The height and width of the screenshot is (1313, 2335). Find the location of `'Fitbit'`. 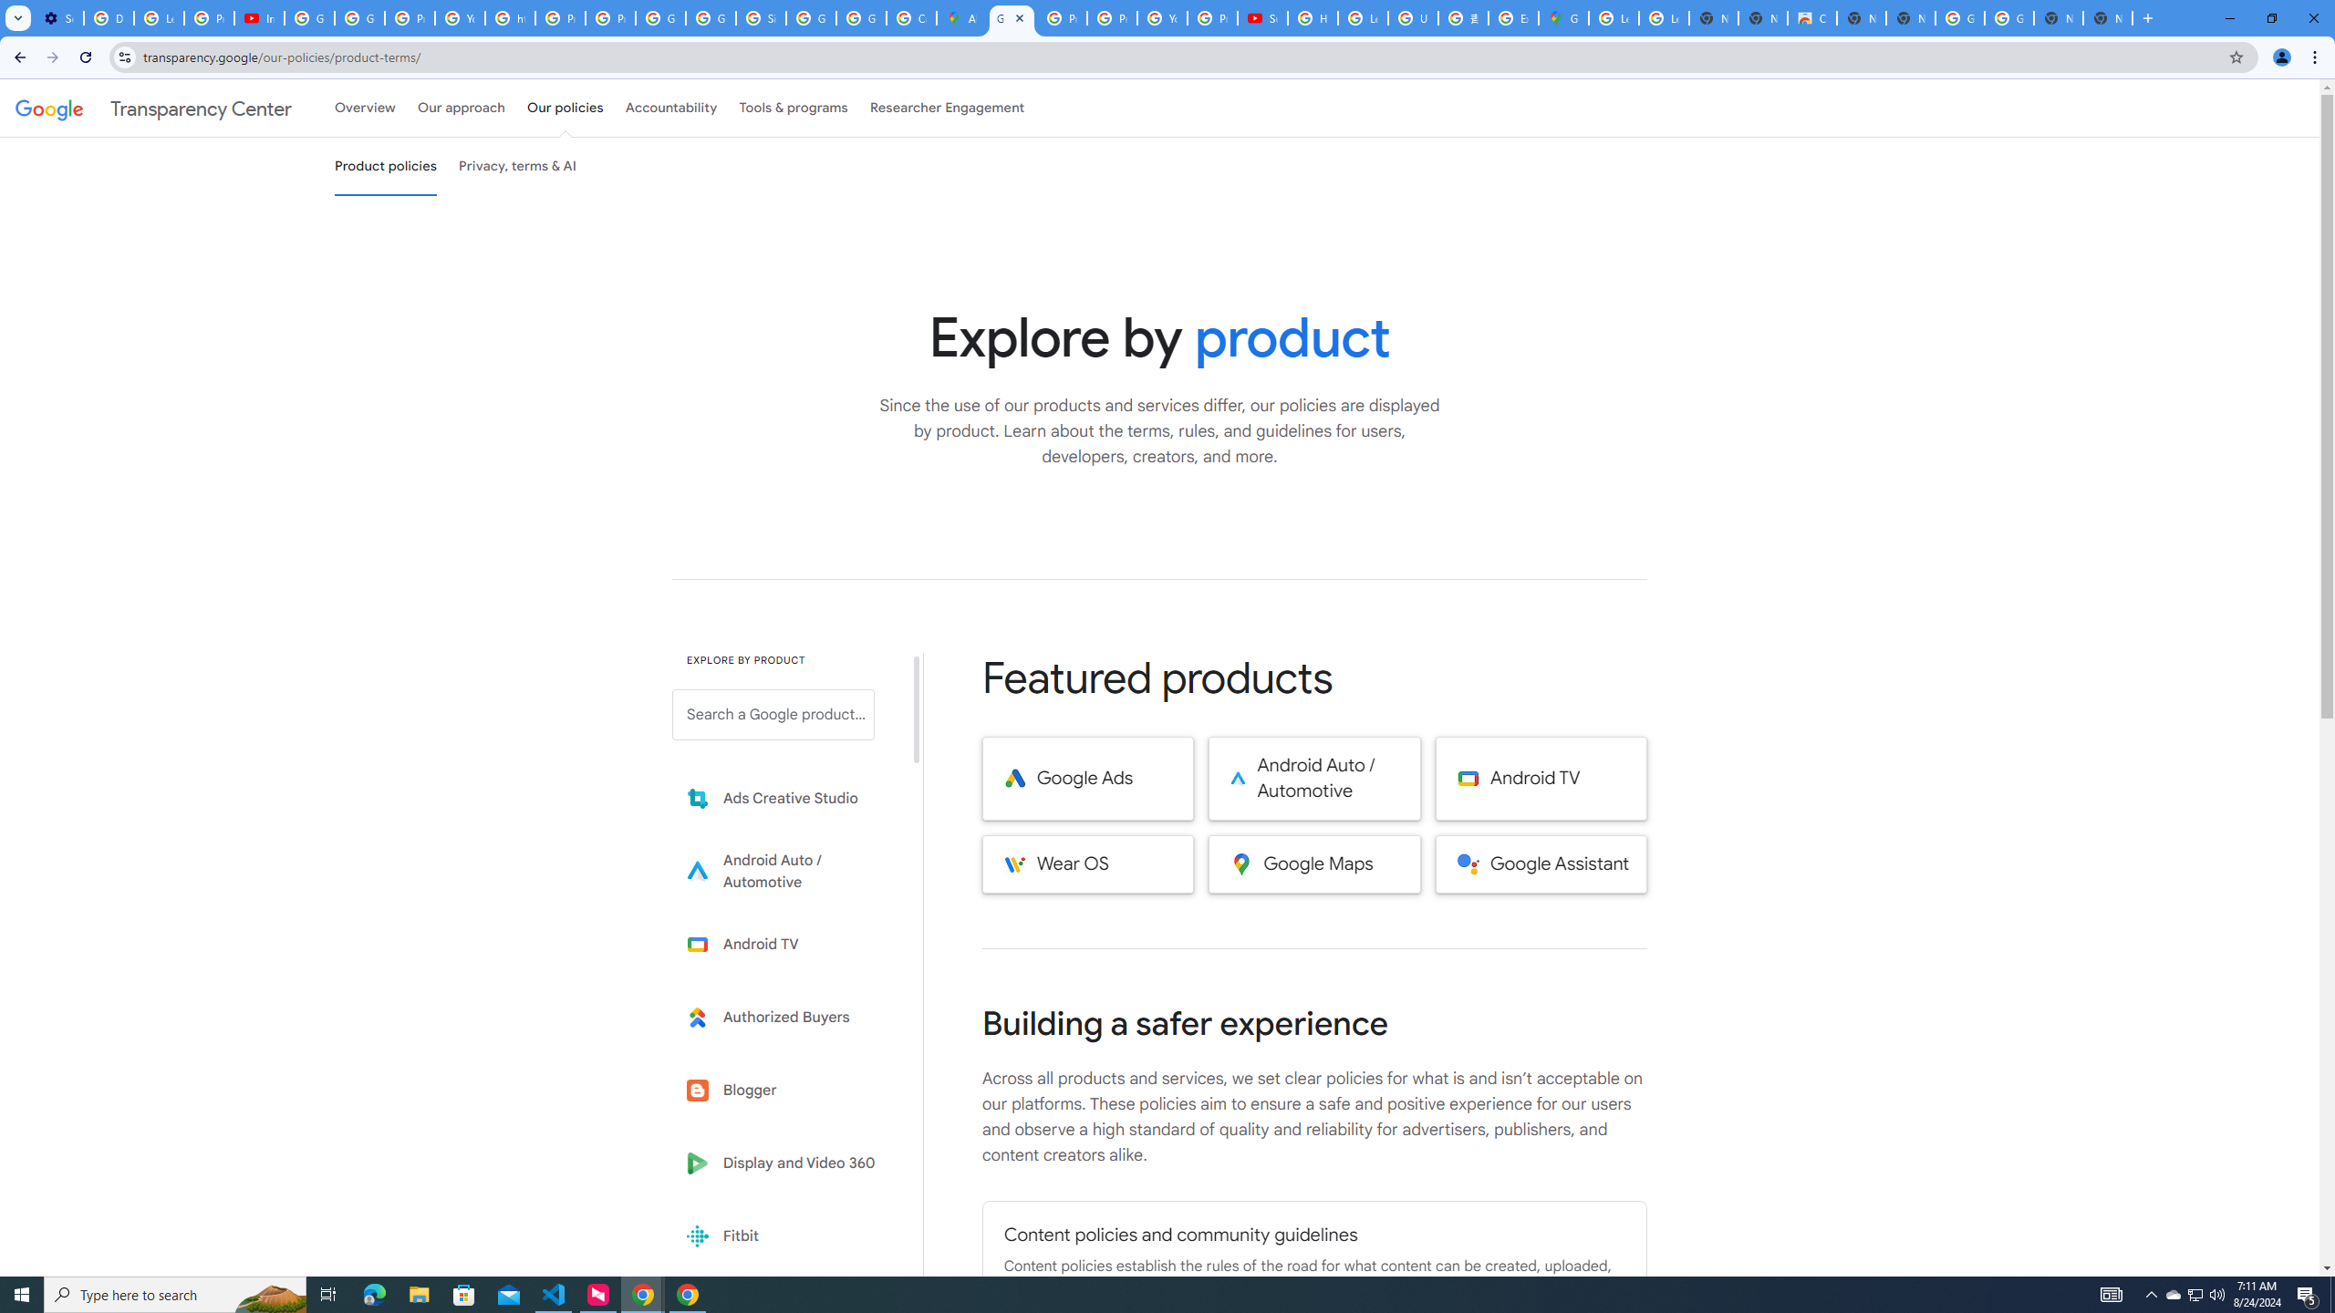

'Fitbit' is located at coordinates (785, 1235).